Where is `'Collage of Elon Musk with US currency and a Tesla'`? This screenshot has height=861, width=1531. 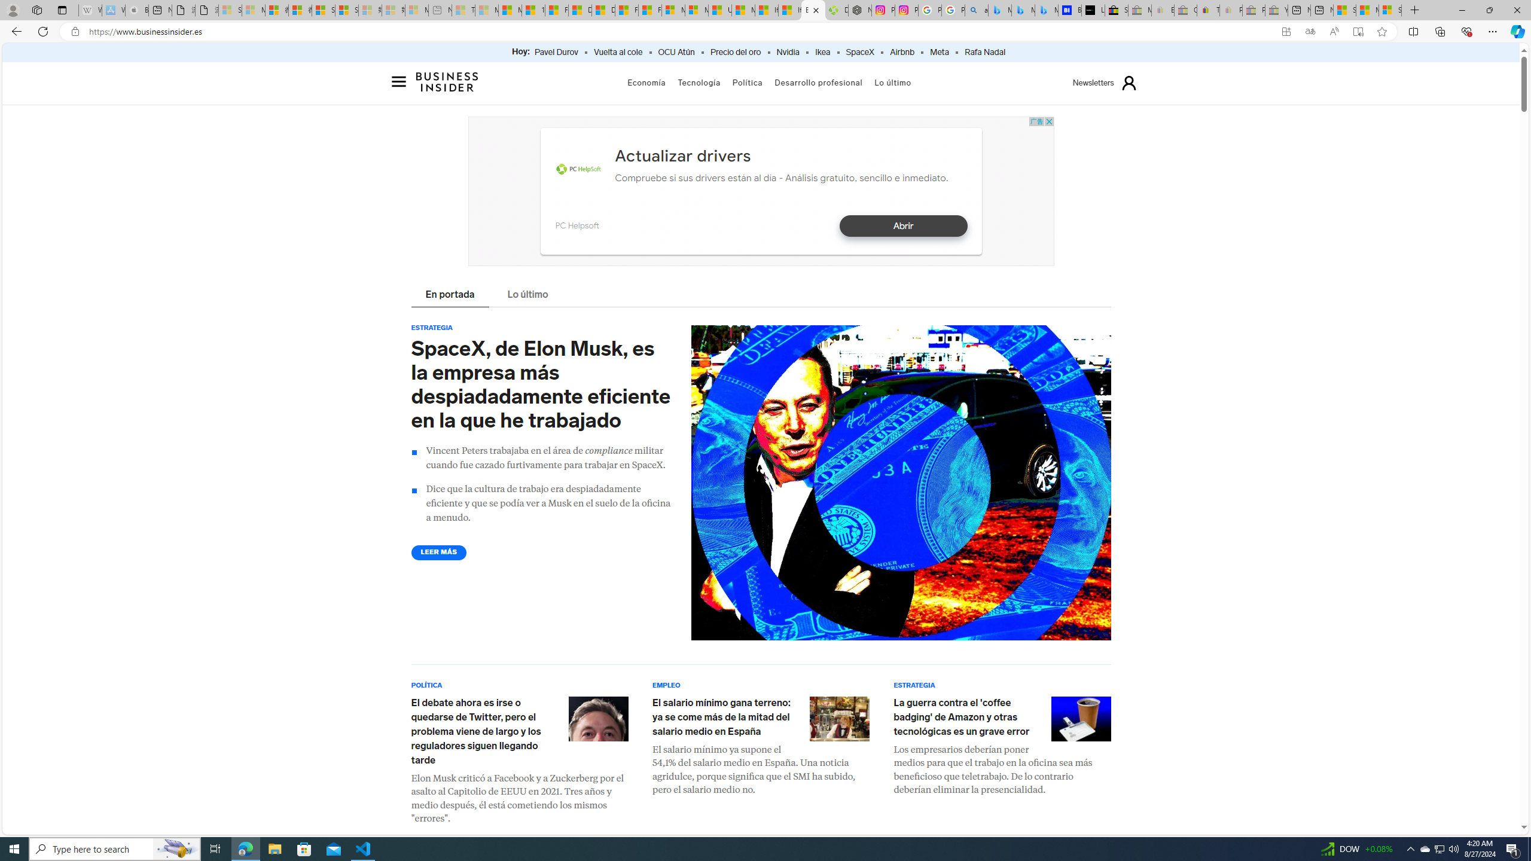
'Collage of Elon Musk with US currency and a Tesla' is located at coordinates (900, 483).